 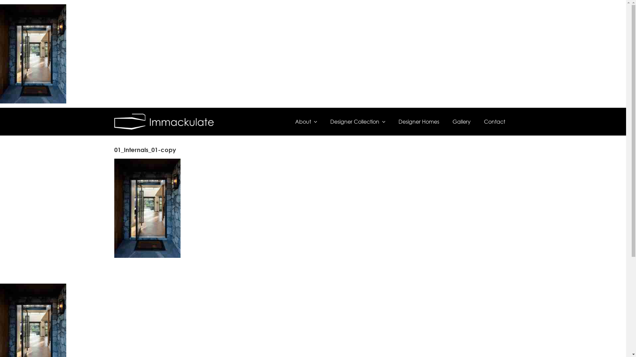 What do you see at coordinates (461, 121) in the screenshot?
I see `'Gallery'` at bounding box center [461, 121].